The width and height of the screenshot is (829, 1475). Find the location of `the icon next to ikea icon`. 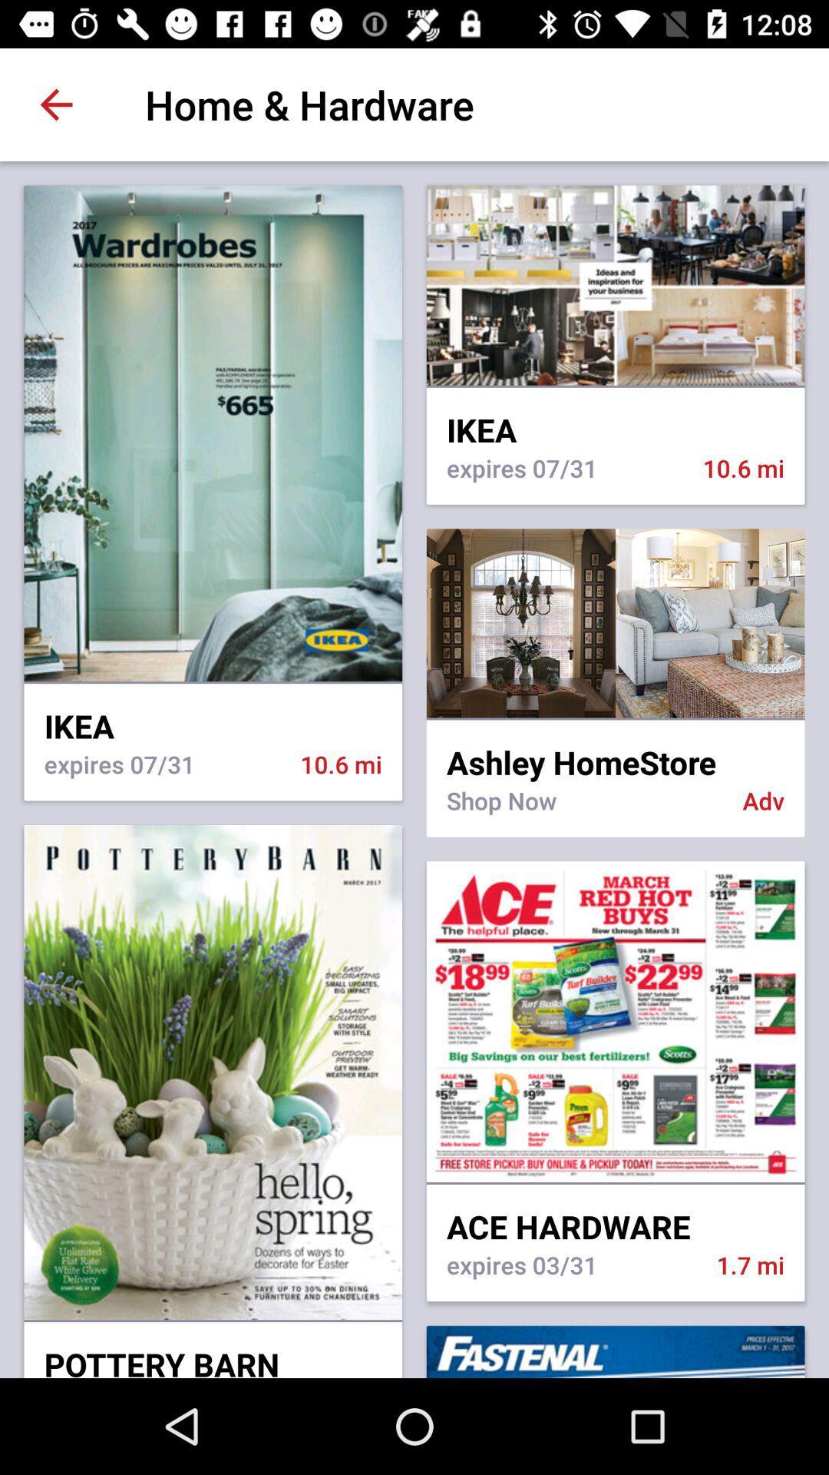

the icon next to ikea icon is located at coordinates (615, 752).